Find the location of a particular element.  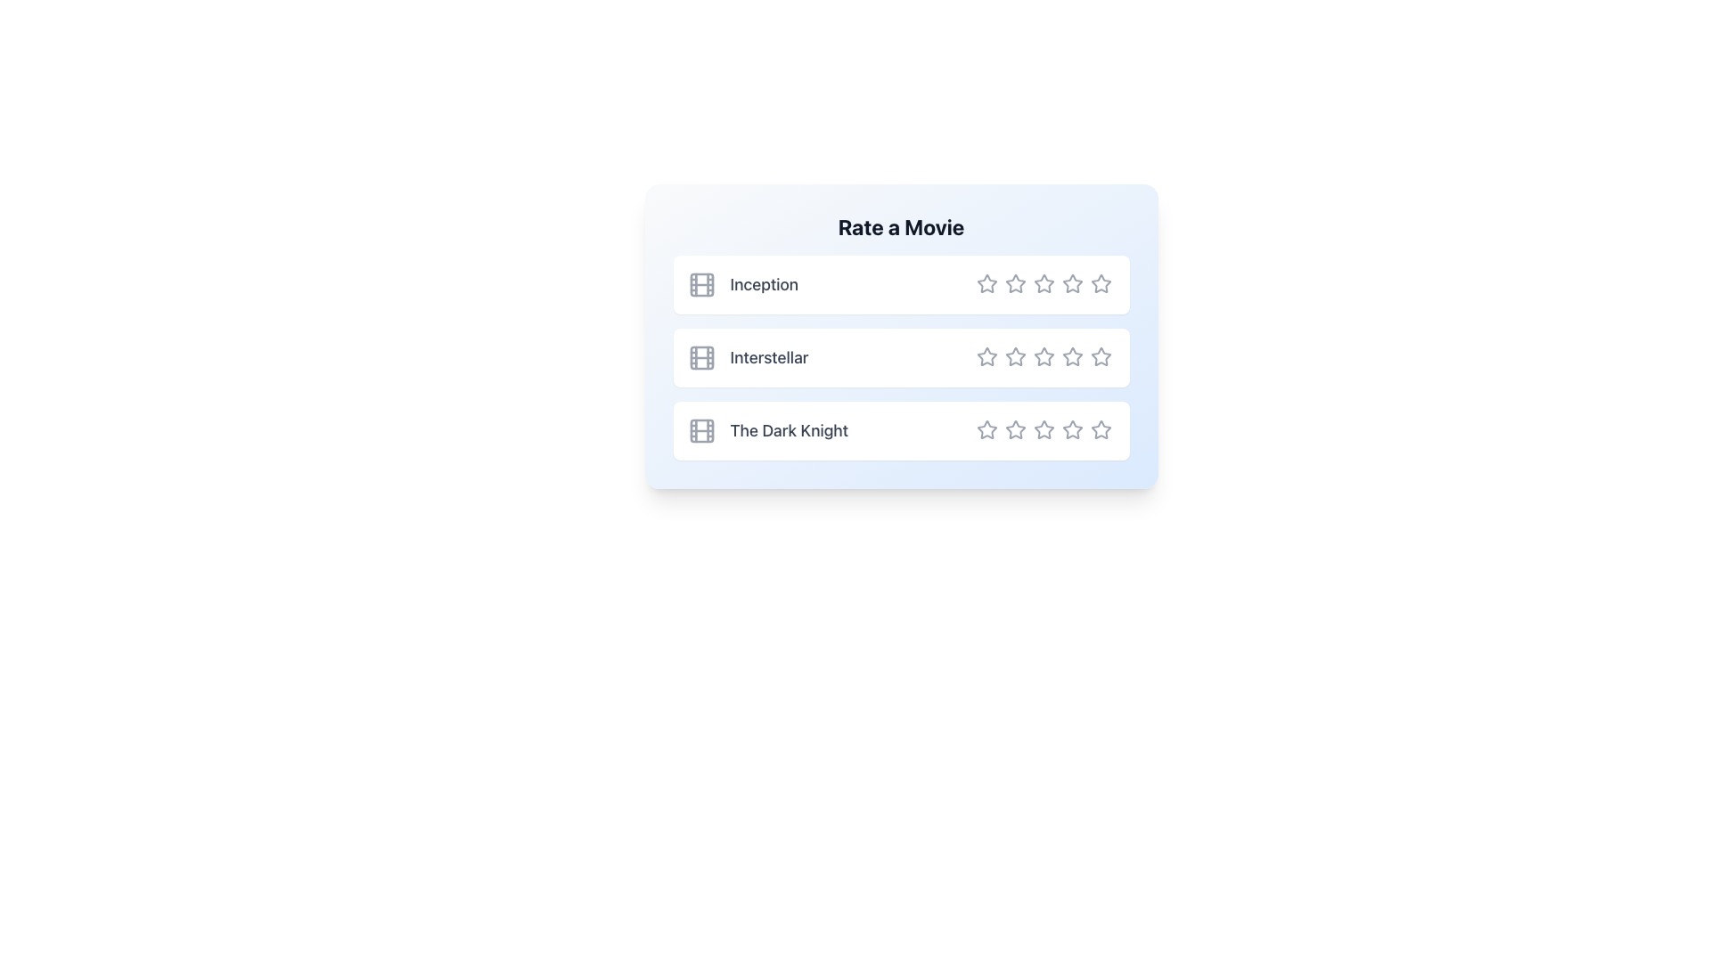

the movie title 'Inception' by interacting with the List Item Entry element is located at coordinates (901, 284).